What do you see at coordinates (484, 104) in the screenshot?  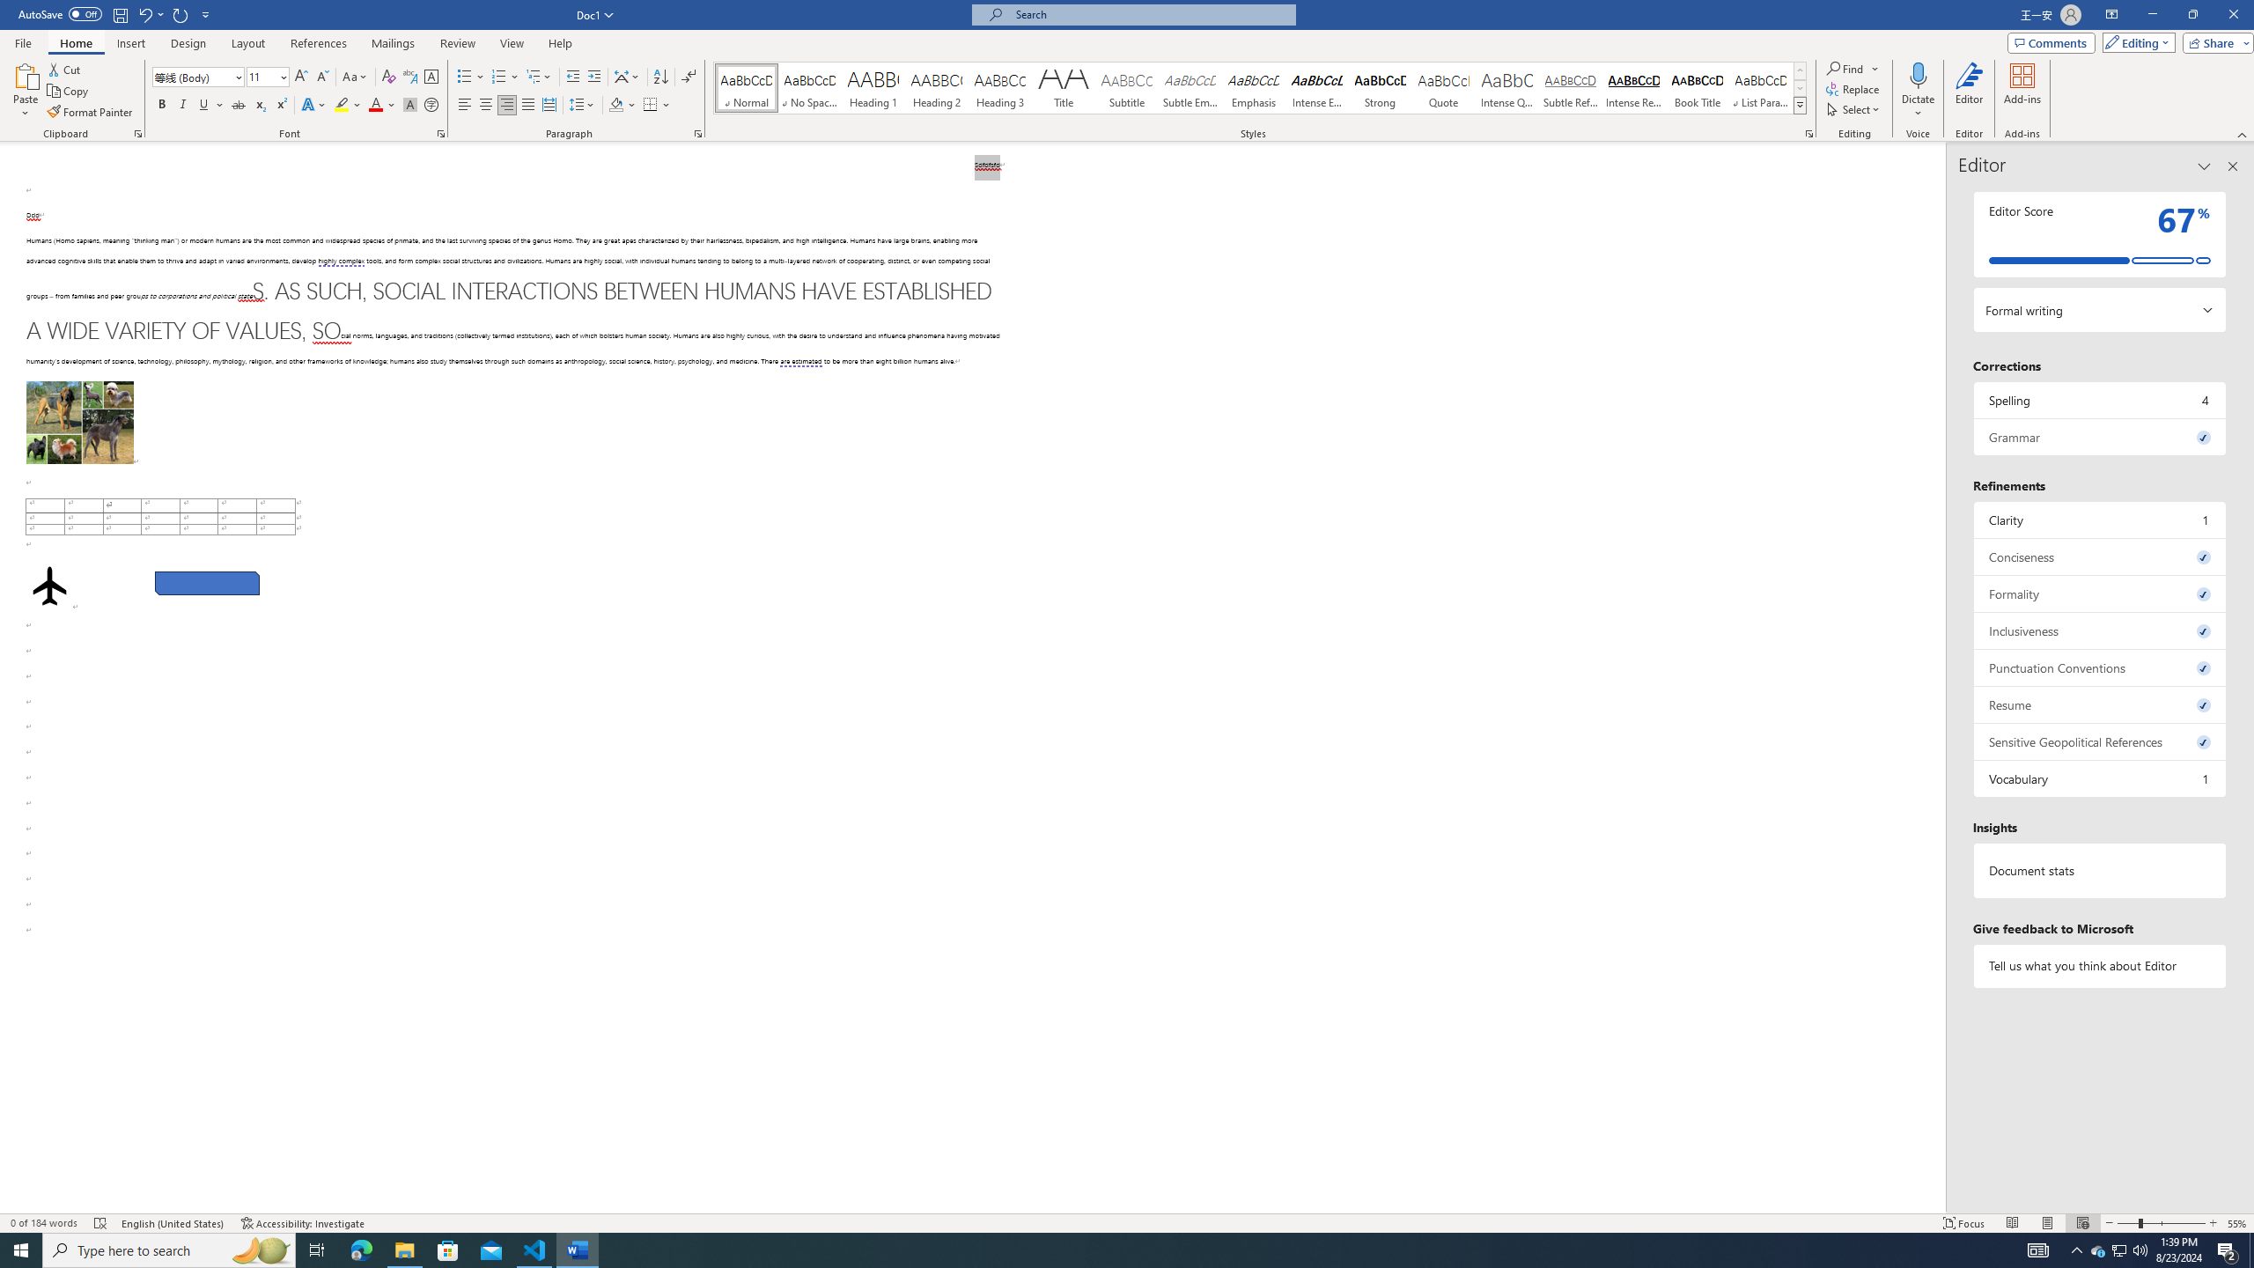 I see `'Center'` at bounding box center [484, 104].